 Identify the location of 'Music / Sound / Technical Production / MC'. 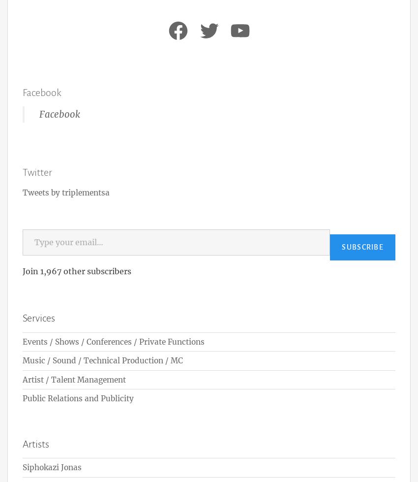
(102, 360).